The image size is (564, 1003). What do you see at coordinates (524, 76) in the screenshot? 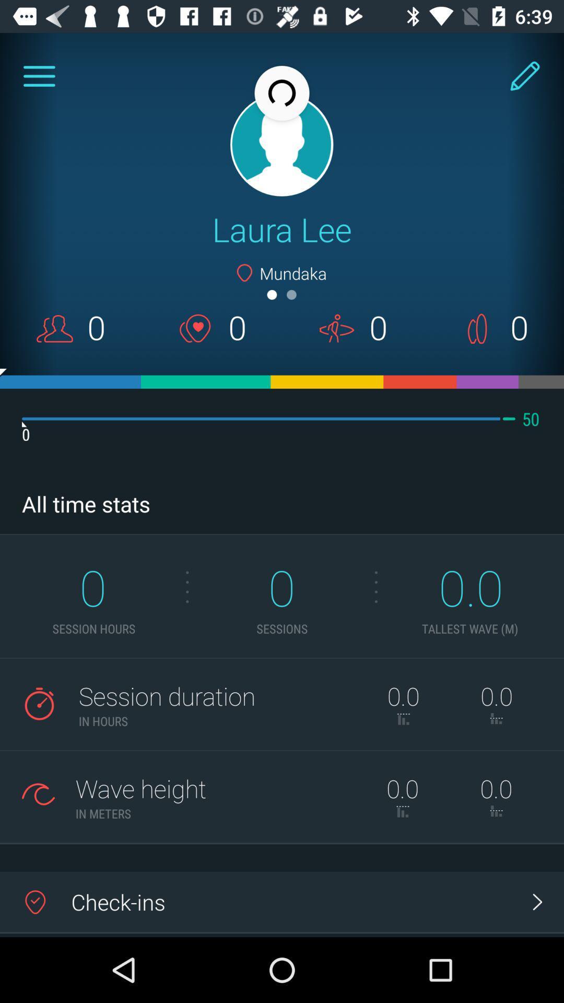
I see `the edit icon` at bounding box center [524, 76].